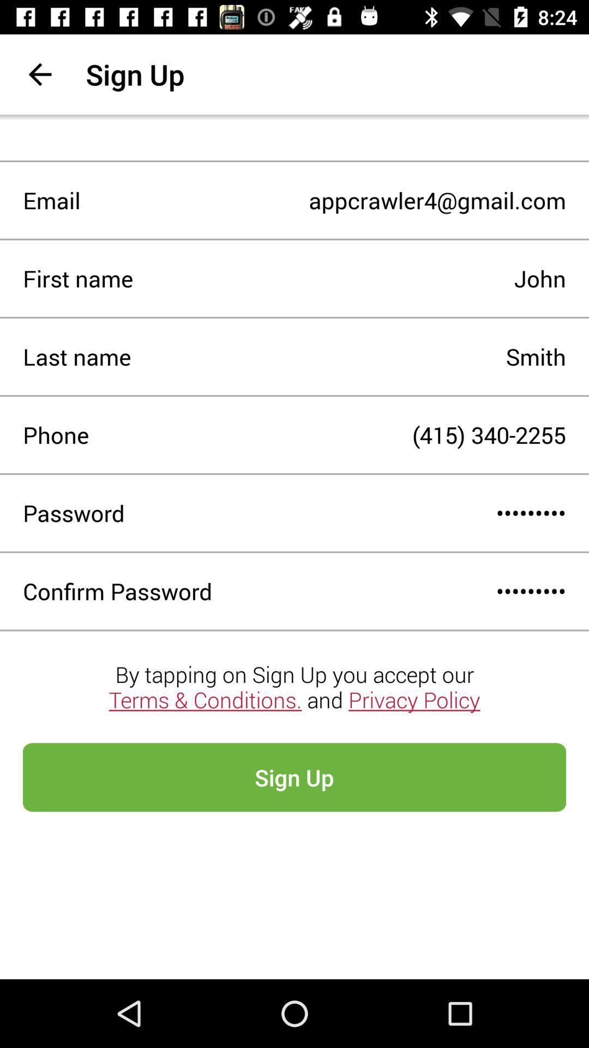 The width and height of the screenshot is (589, 1048). What do you see at coordinates (322, 200) in the screenshot?
I see `item next to the email item` at bounding box center [322, 200].